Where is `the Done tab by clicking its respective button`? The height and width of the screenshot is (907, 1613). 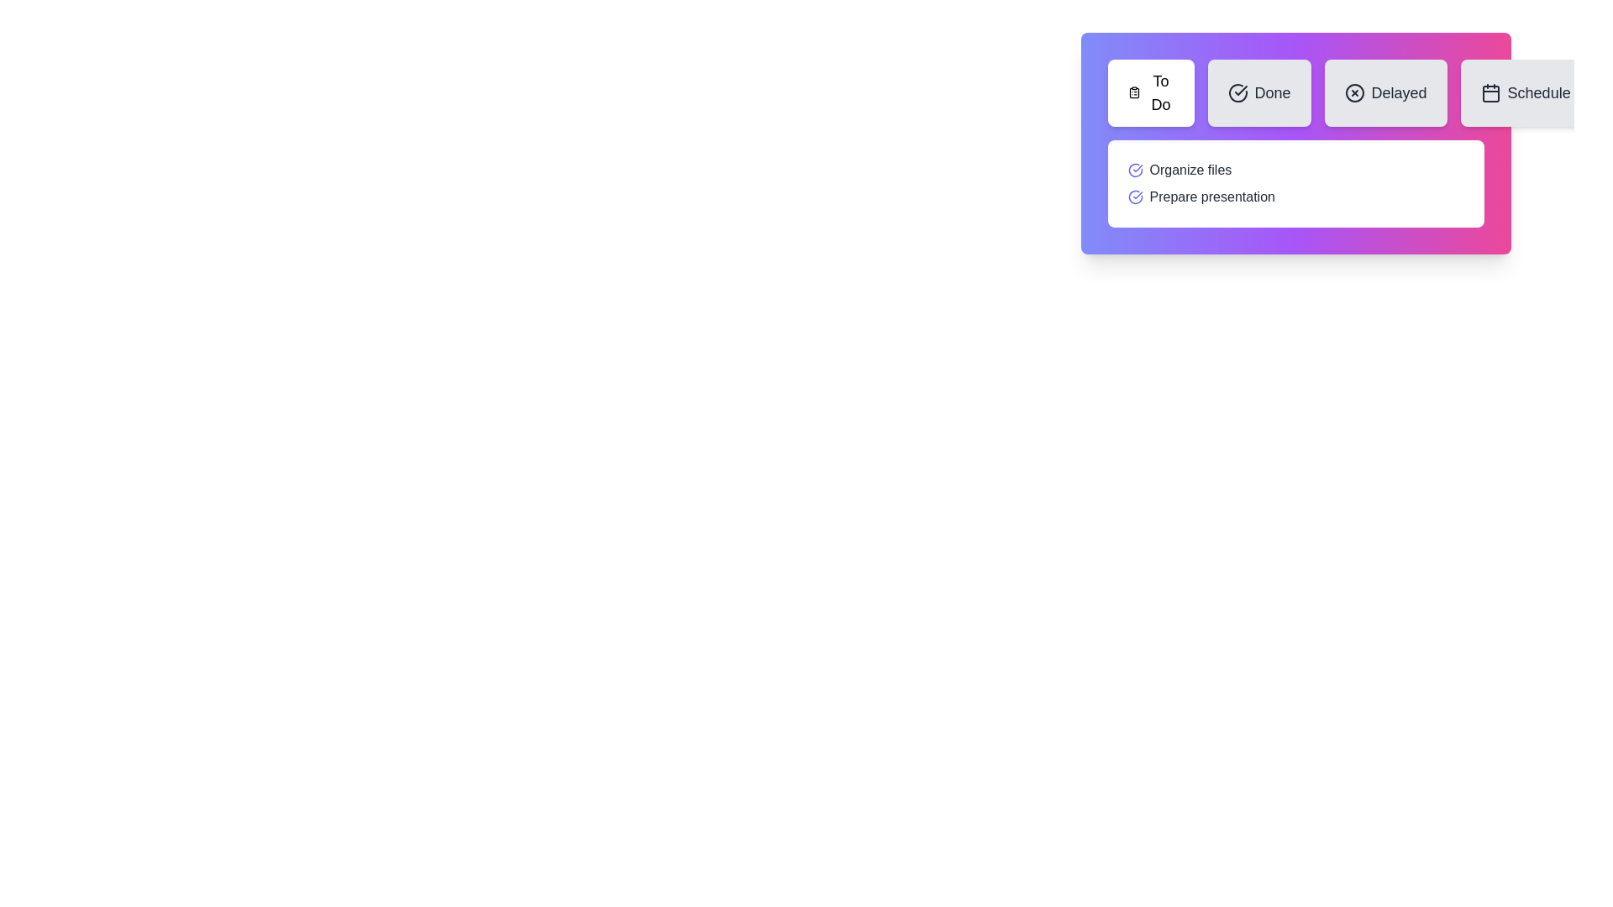
the Done tab by clicking its respective button is located at coordinates (1258, 93).